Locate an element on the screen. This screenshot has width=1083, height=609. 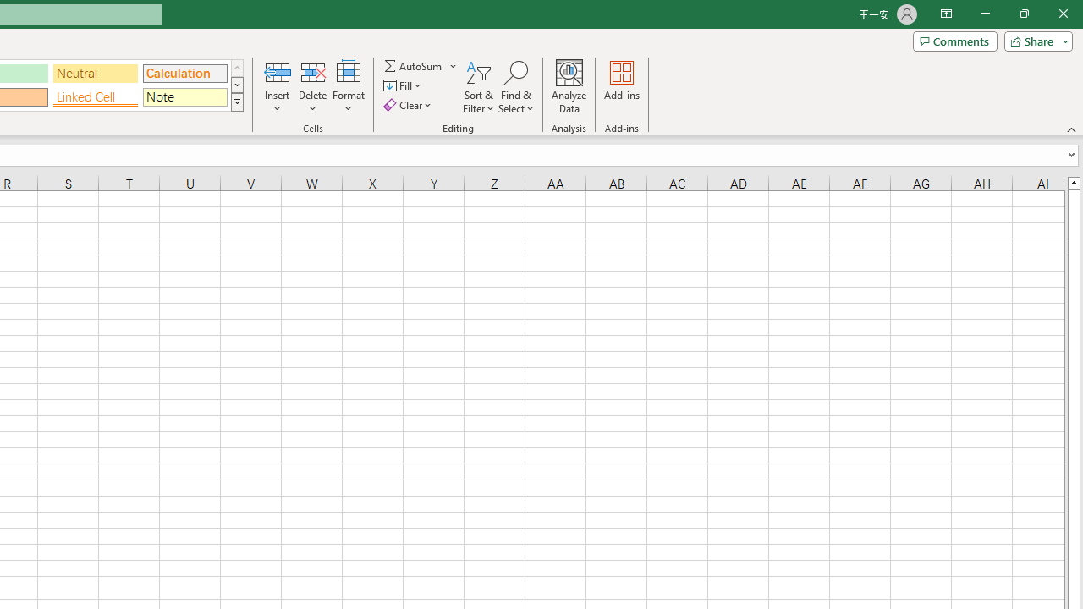
'Sort & Filter' is located at coordinates (478, 87).